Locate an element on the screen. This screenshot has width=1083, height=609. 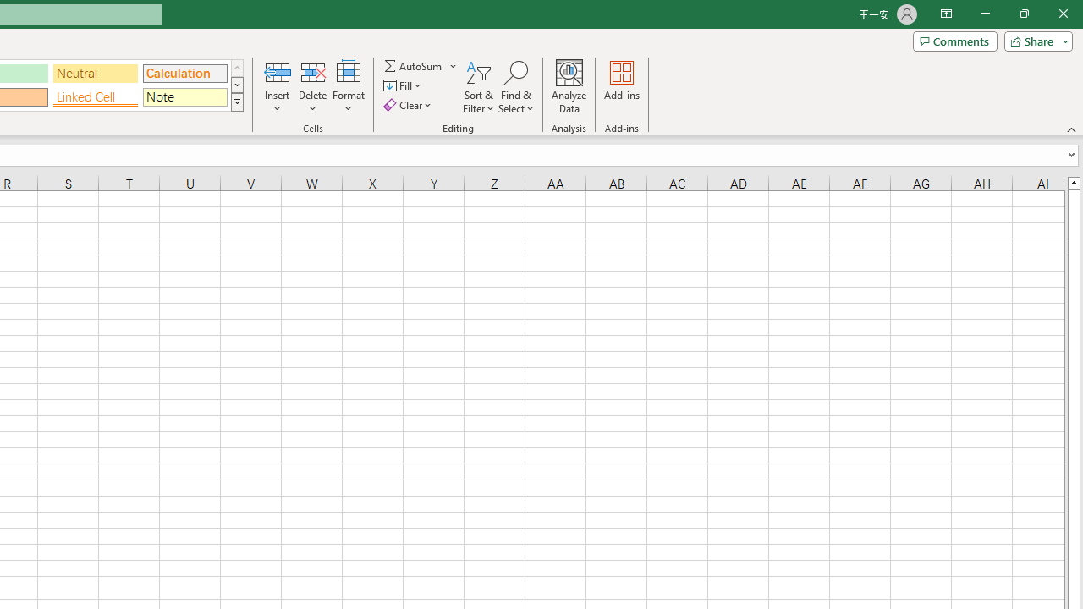
'Sort & Filter' is located at coordinates (478, 87).